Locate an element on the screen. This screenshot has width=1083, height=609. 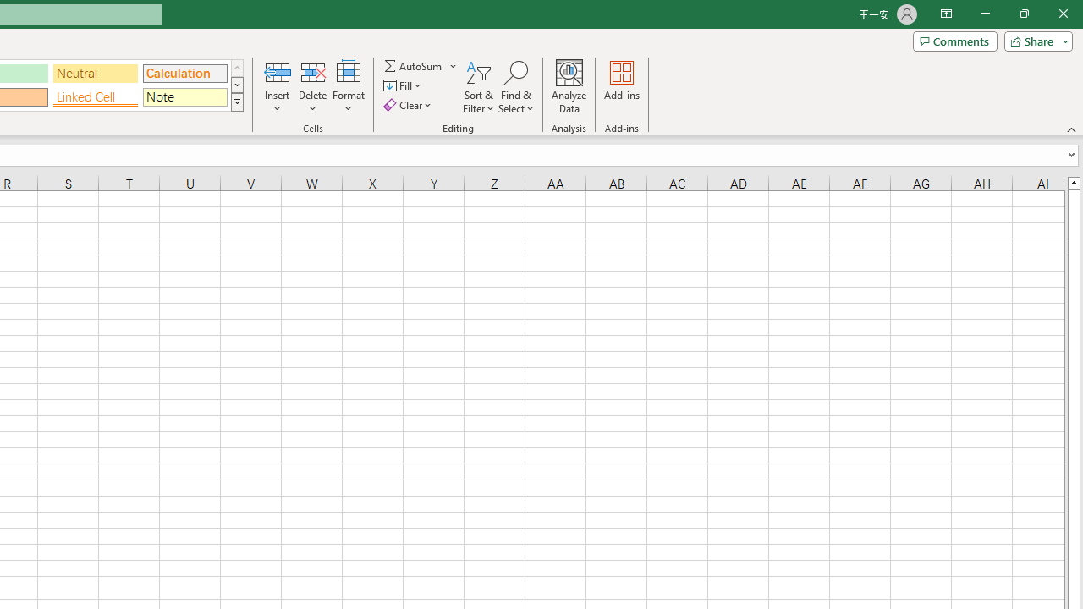
'Sort & Filter' is located at coordinates (478, 87).